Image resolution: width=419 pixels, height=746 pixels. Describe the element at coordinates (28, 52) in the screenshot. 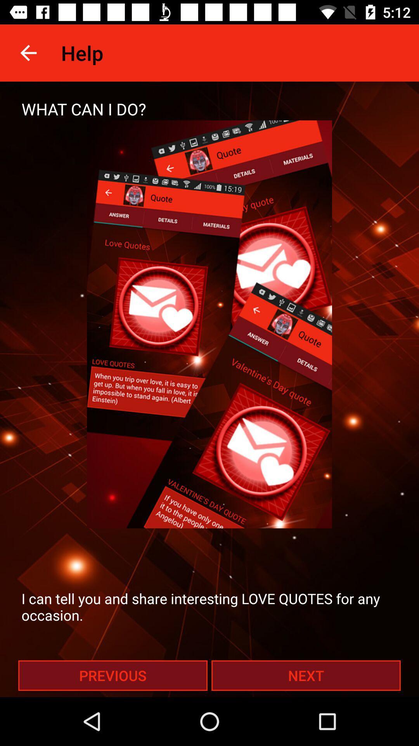

I see `icon to the left of help` at that location.